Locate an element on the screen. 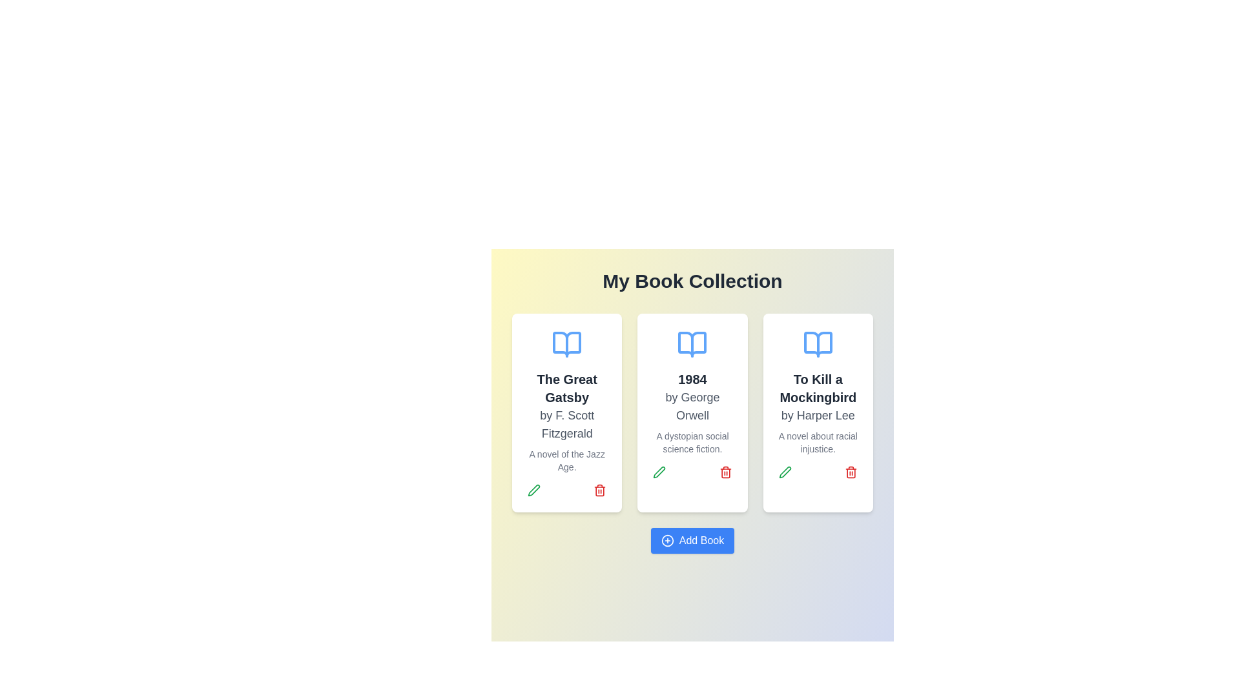 The image size is (1240, 697). the title text 'To Kill a Mockingbird' displayed in the third card from the left, which serves as an informational label for the book is located at coordinates (817, 387).